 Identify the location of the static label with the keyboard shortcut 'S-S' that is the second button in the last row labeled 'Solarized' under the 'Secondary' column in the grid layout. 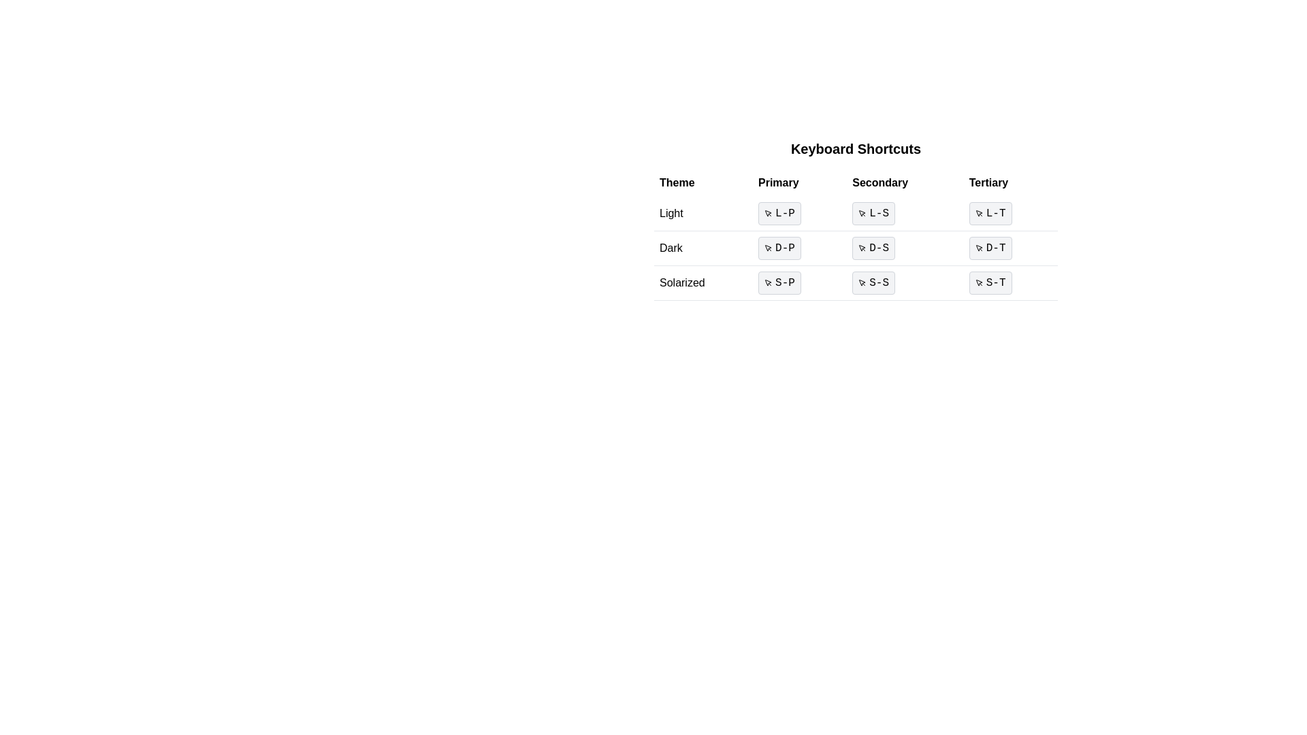
(873, 282).